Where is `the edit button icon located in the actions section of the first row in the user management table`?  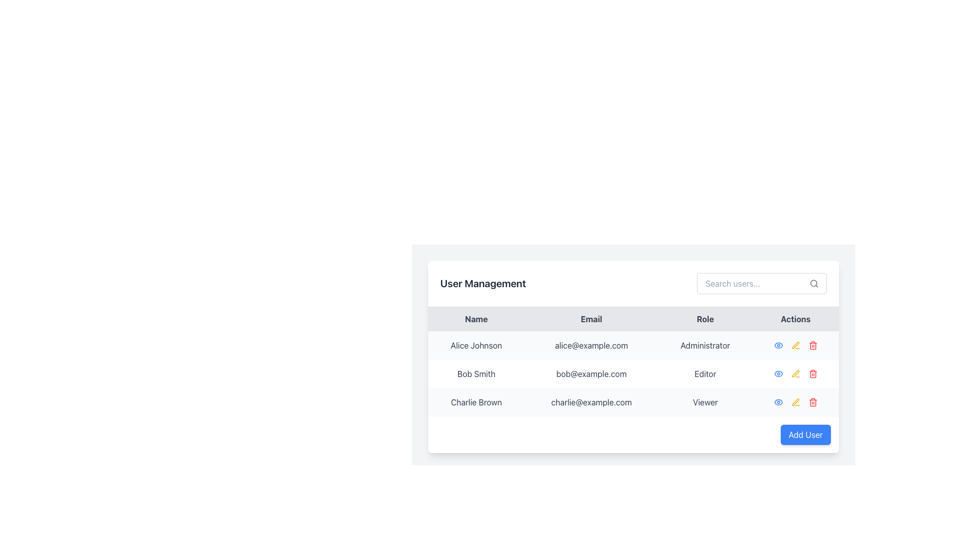 the edit button icon located in the actions section of the first row in the user management table is located at coordinates (795, 345).